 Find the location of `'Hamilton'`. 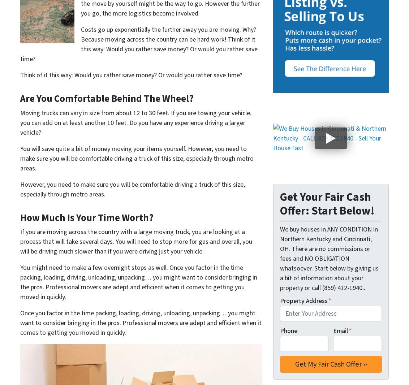

'Hamilton' is located at coordinates (319, 83).